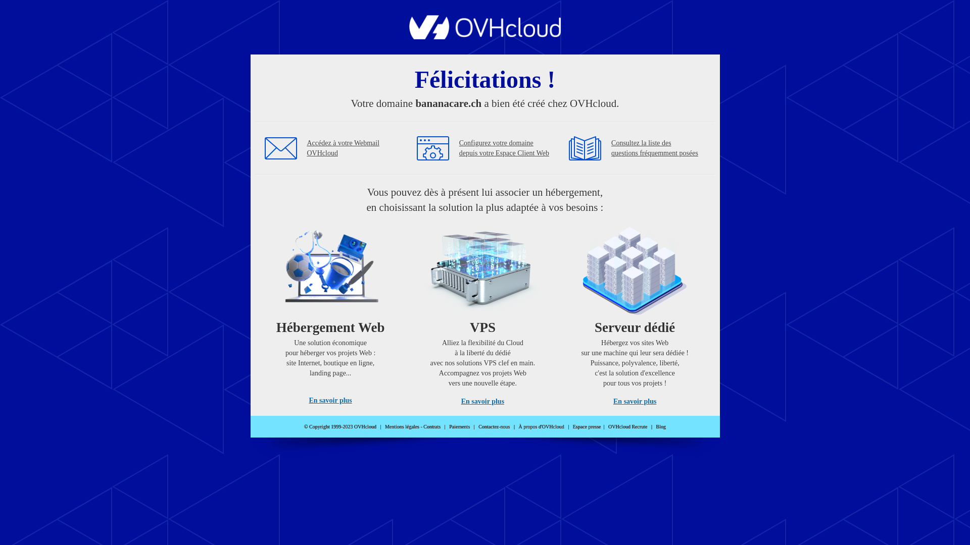  What do you see at coordinates (330, 400) in the screenshot?
I see `'En savoir plus'` at bounding box center [330, 400].